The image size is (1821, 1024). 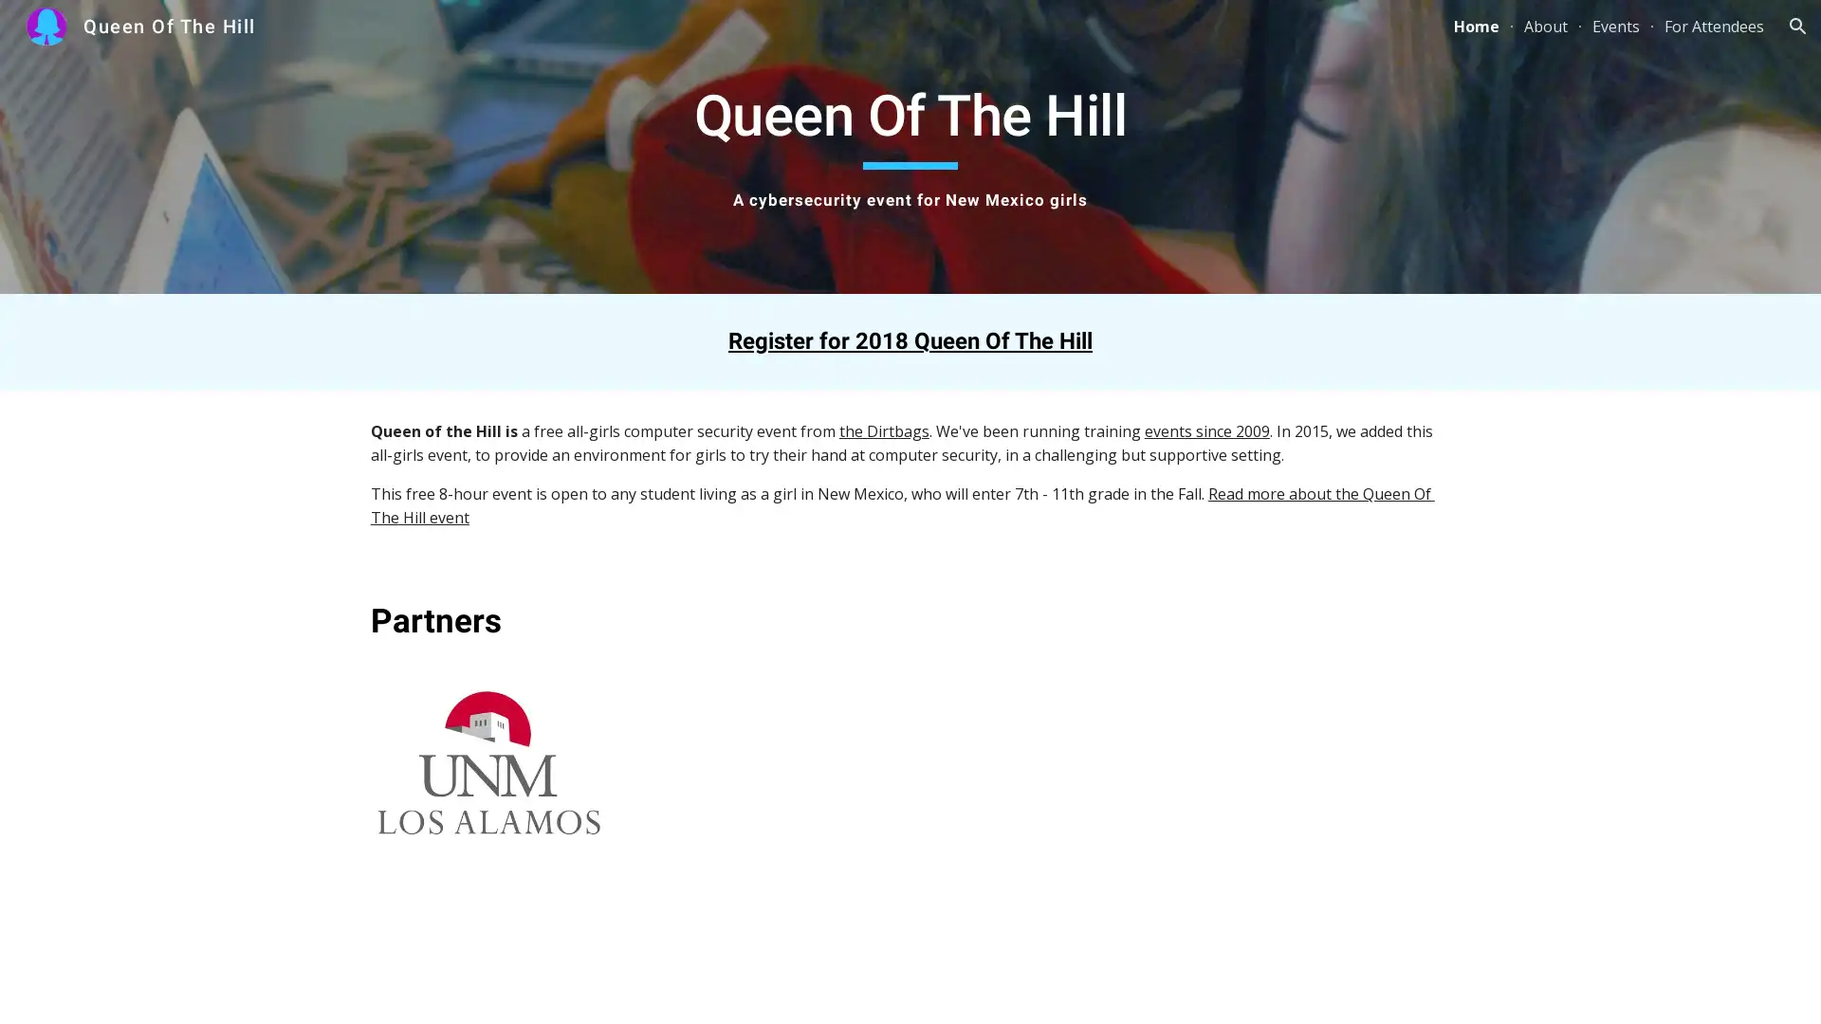 I want to click on Copy heading link, so click(x=523, y=621).